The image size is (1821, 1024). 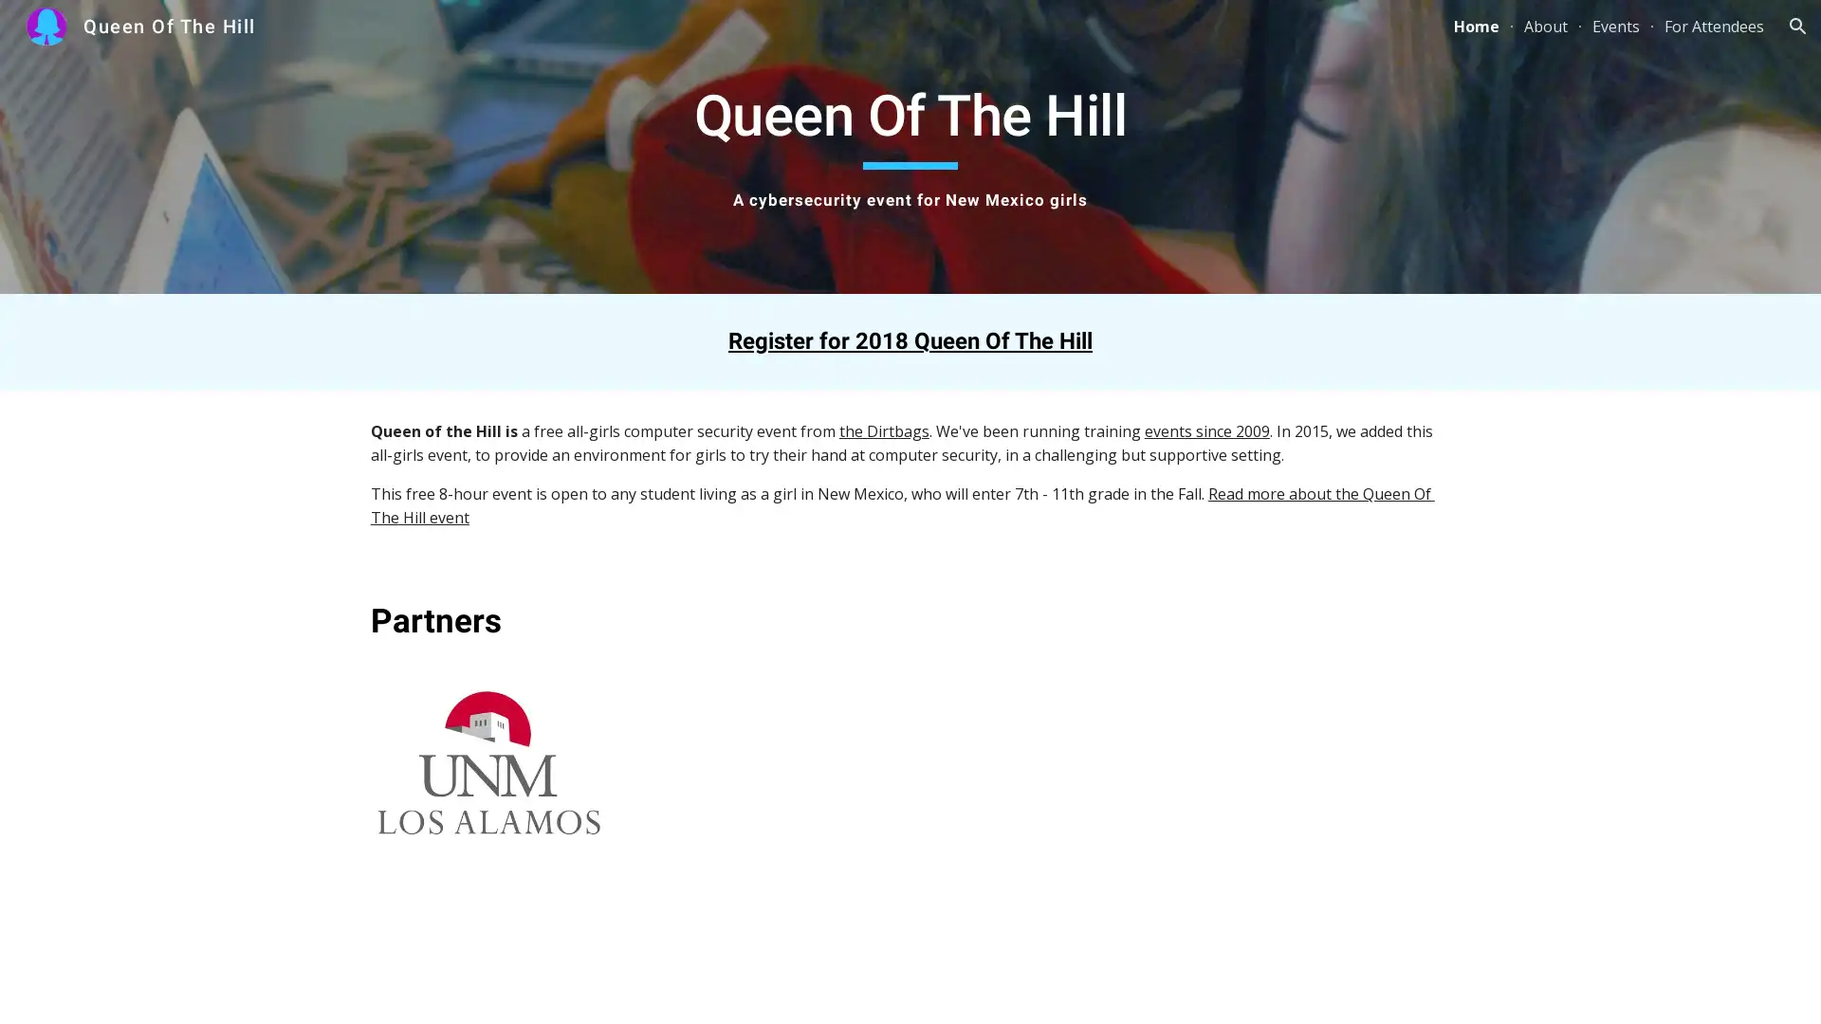 I want to click on Copy heading link, so click(x=523, y=621).